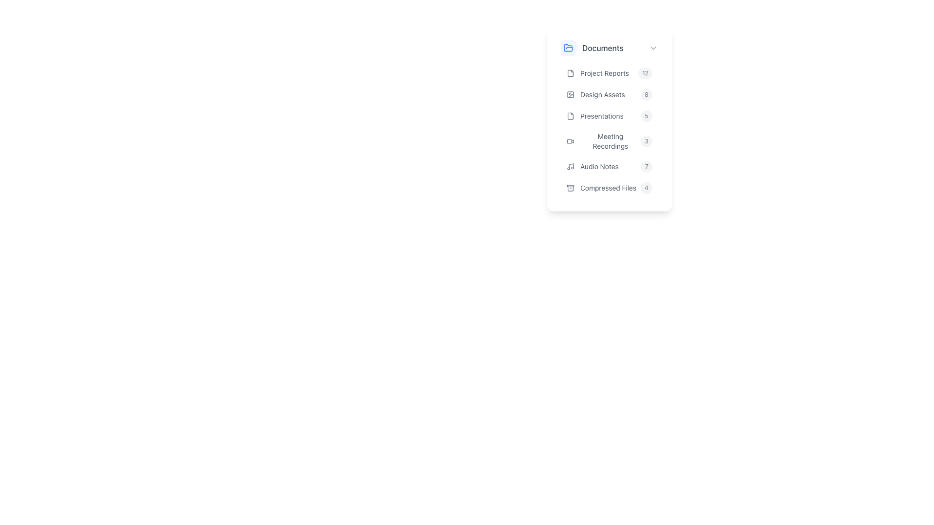 Image resolution: width=934 pixels, height=525 pixels. Describe the element at coordinates (608, 188) in the screenshot. I see `the label that describes the sixth entry under the 'Documents' heading, positioned to the right of the archive icon` at that location.